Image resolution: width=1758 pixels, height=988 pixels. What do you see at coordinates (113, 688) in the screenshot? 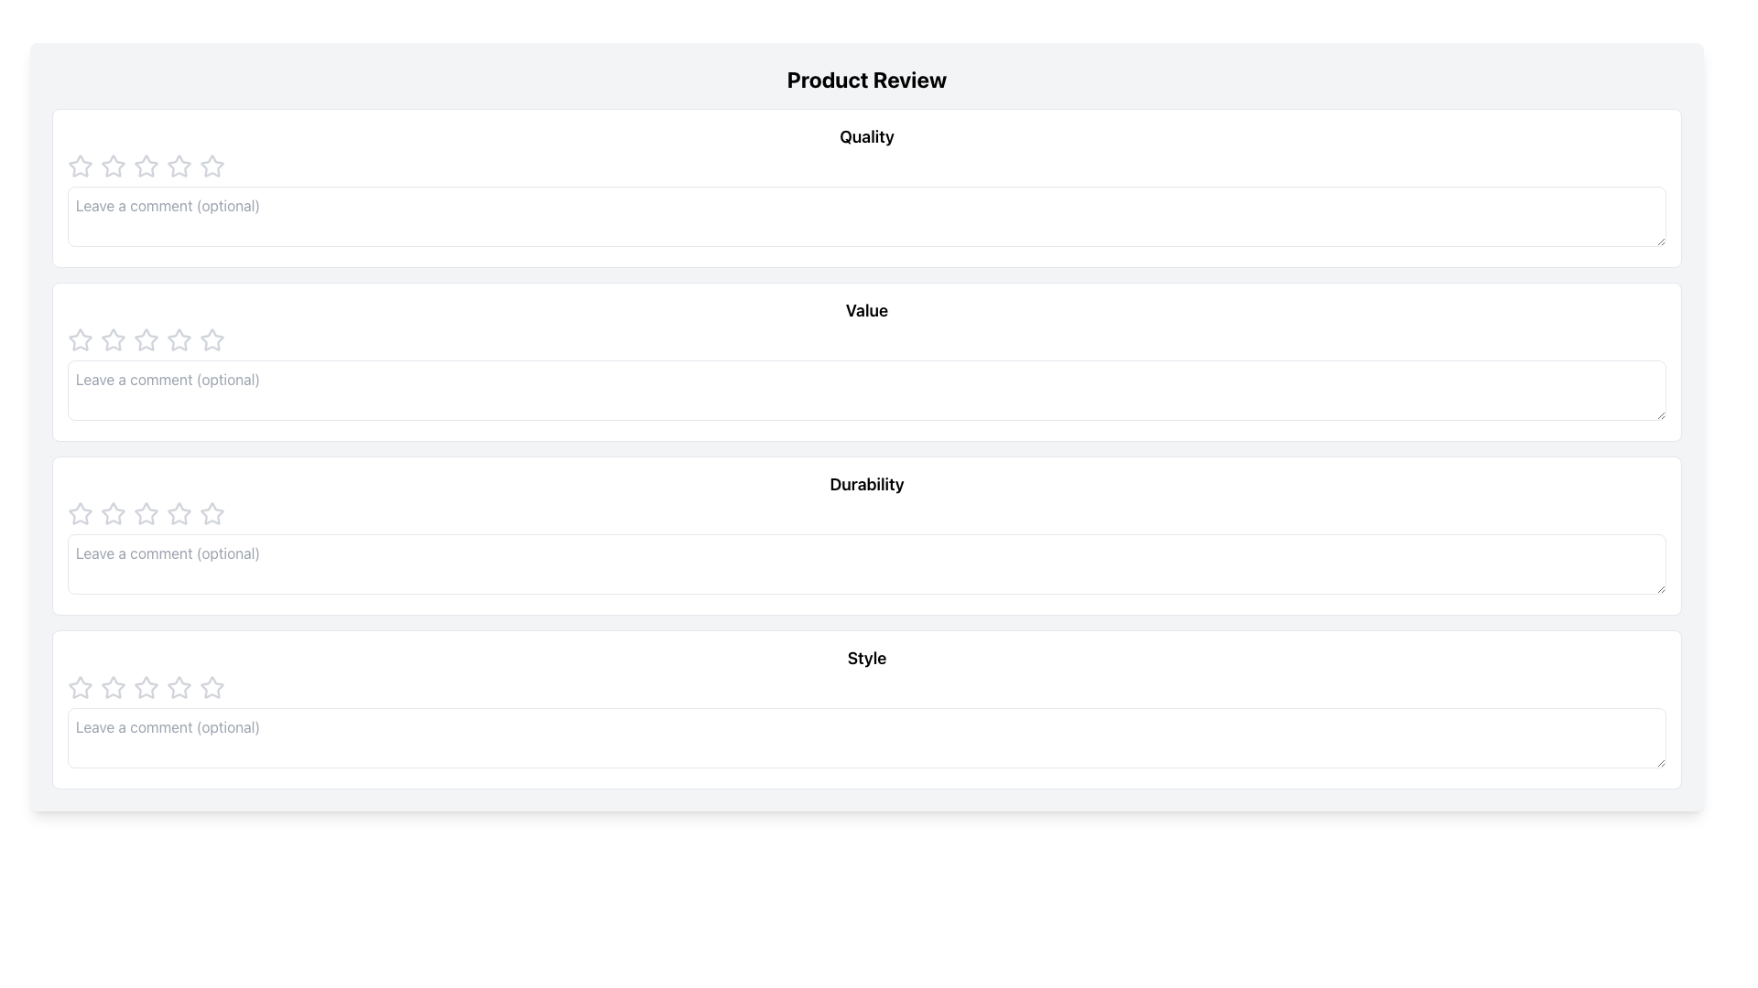
I see `the second star-shaped rating icon in the 'Style' evaluation section` at bounding box center [113, 688].